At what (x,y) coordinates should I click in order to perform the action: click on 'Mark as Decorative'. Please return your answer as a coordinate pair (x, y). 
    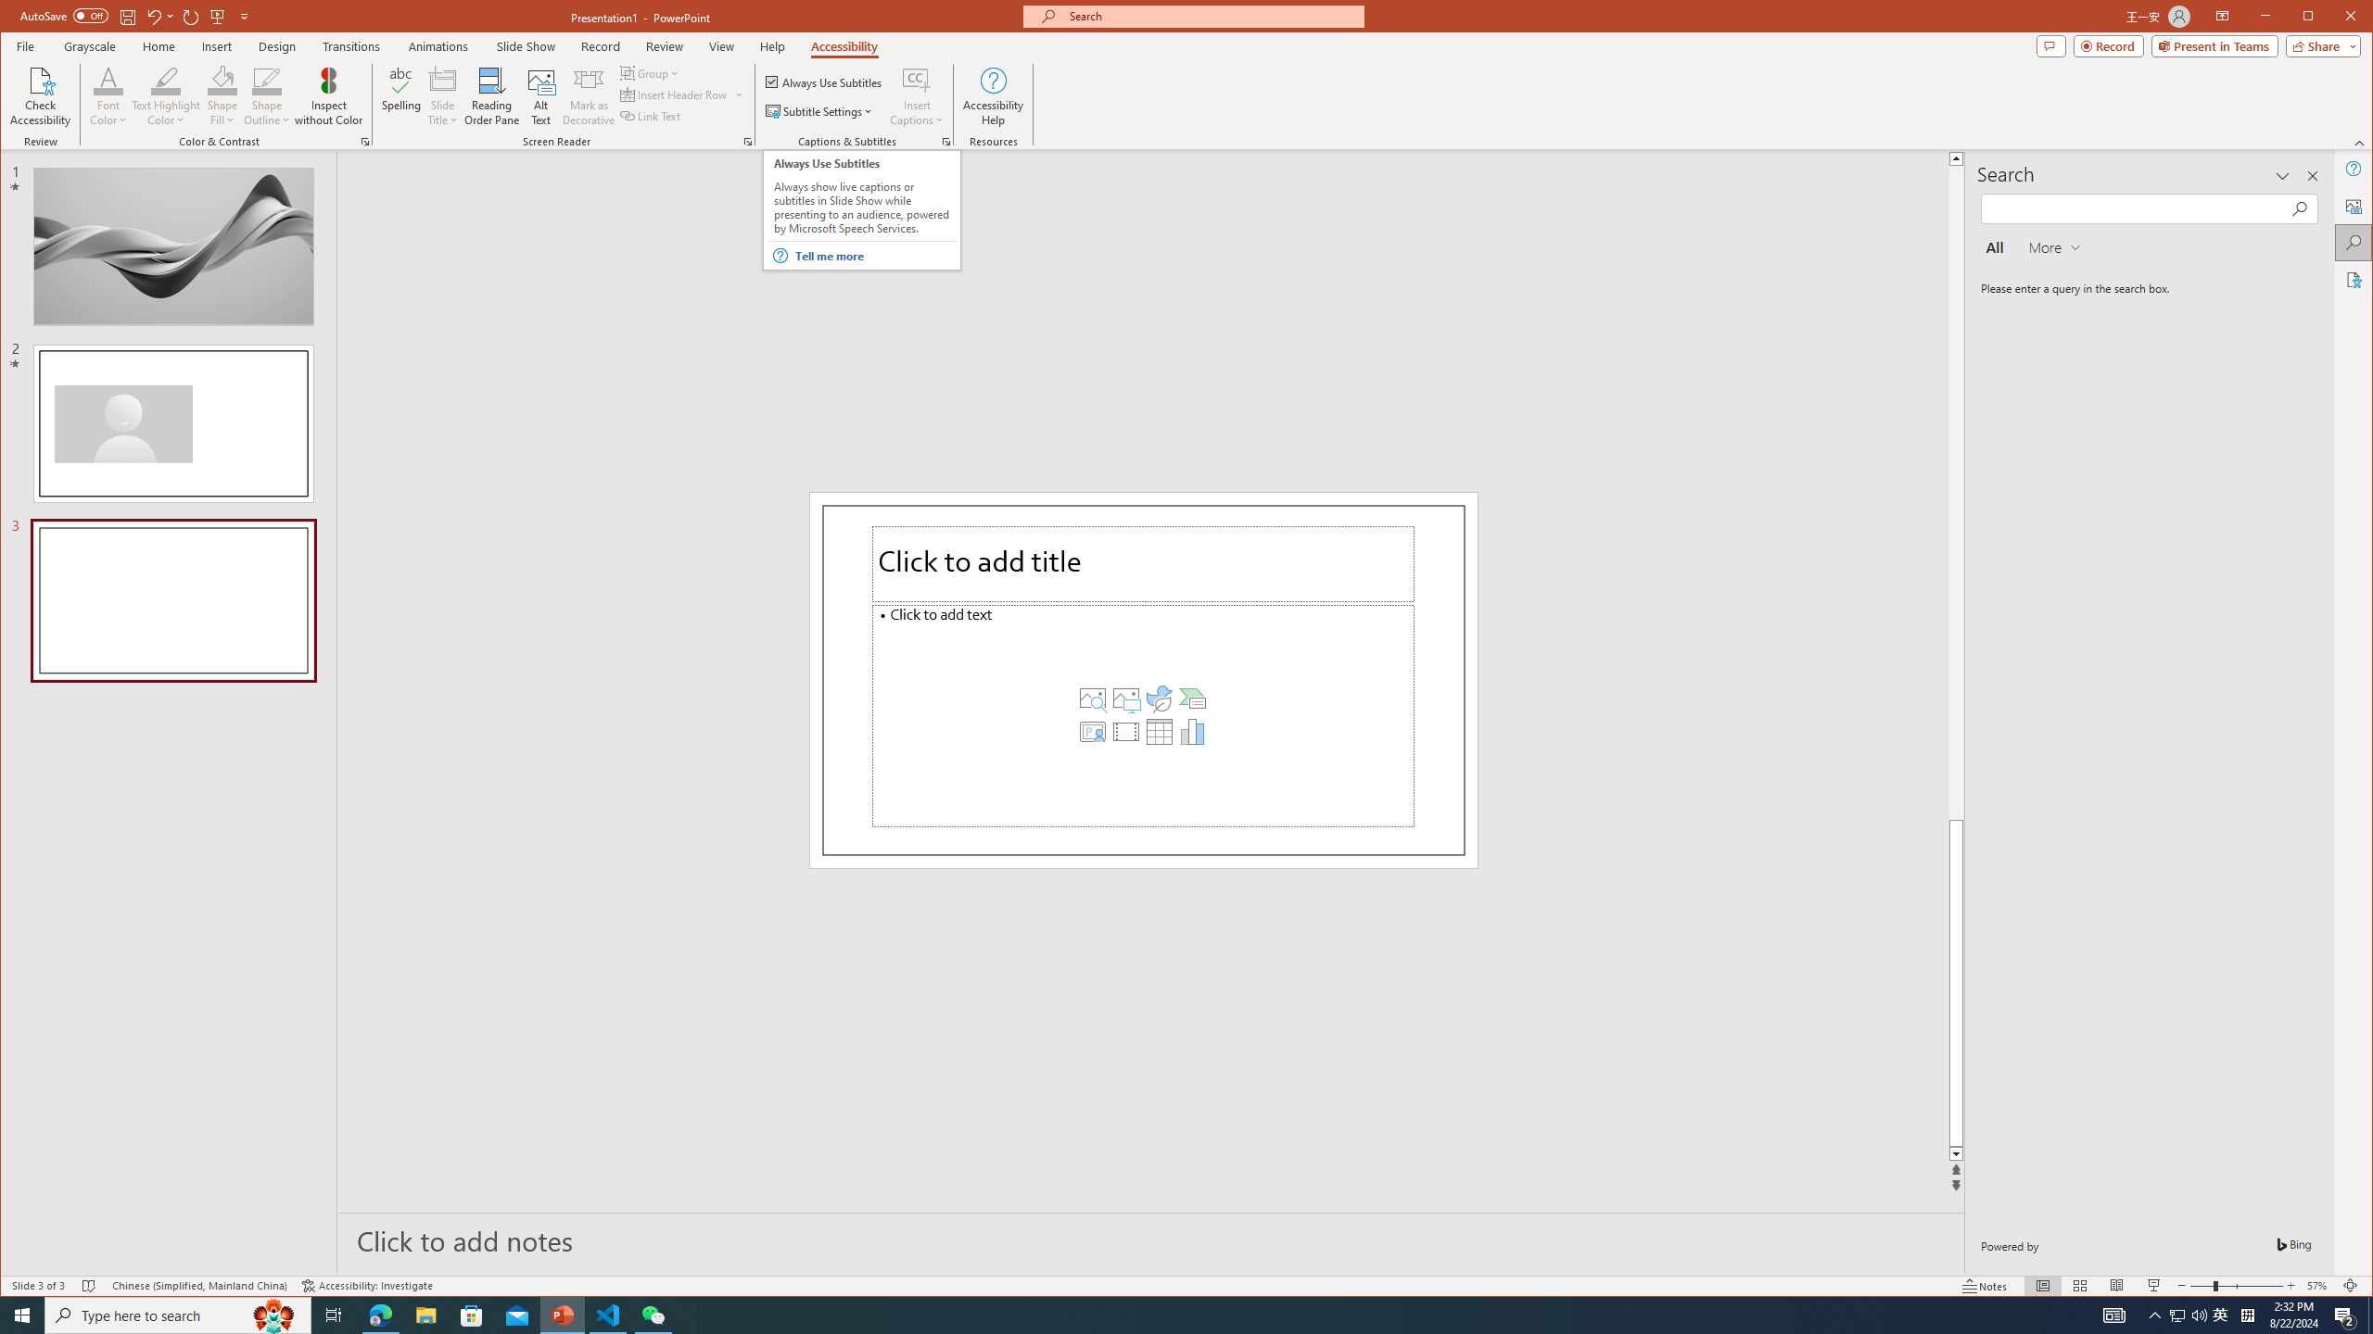
    Looking at the image, I should click on (587, 95).